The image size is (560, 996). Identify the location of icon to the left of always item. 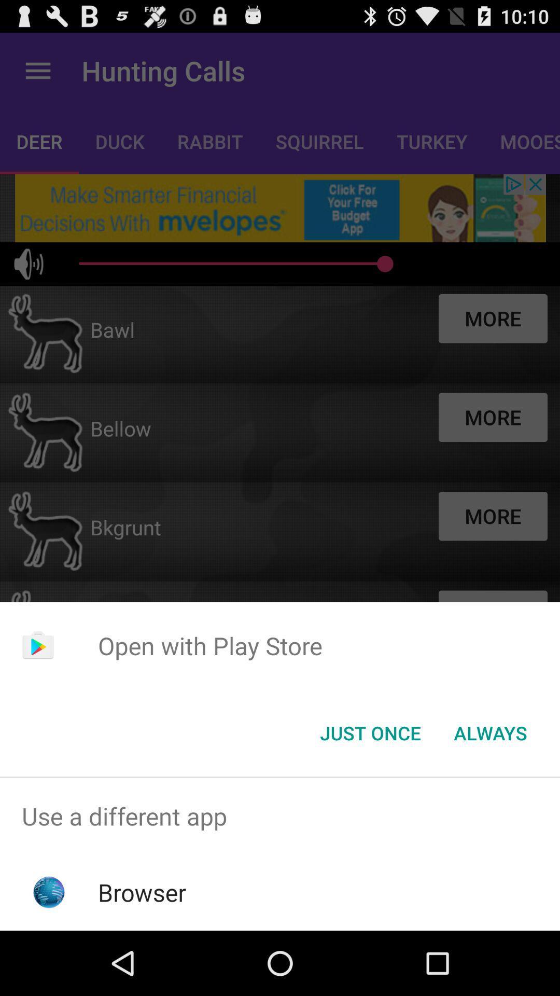
(370, 732).